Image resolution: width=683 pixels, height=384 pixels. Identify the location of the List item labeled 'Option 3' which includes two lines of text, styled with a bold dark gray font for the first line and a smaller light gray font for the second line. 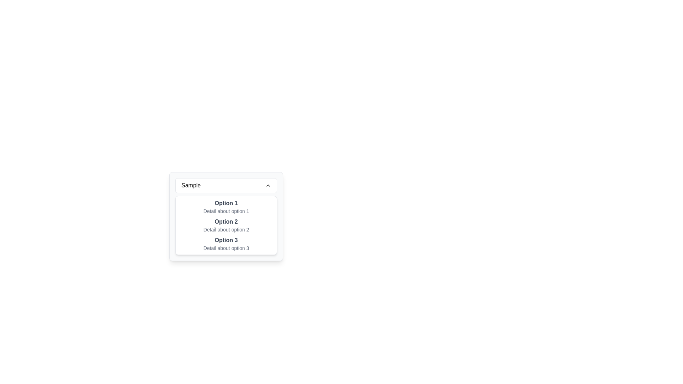
(226, 244).